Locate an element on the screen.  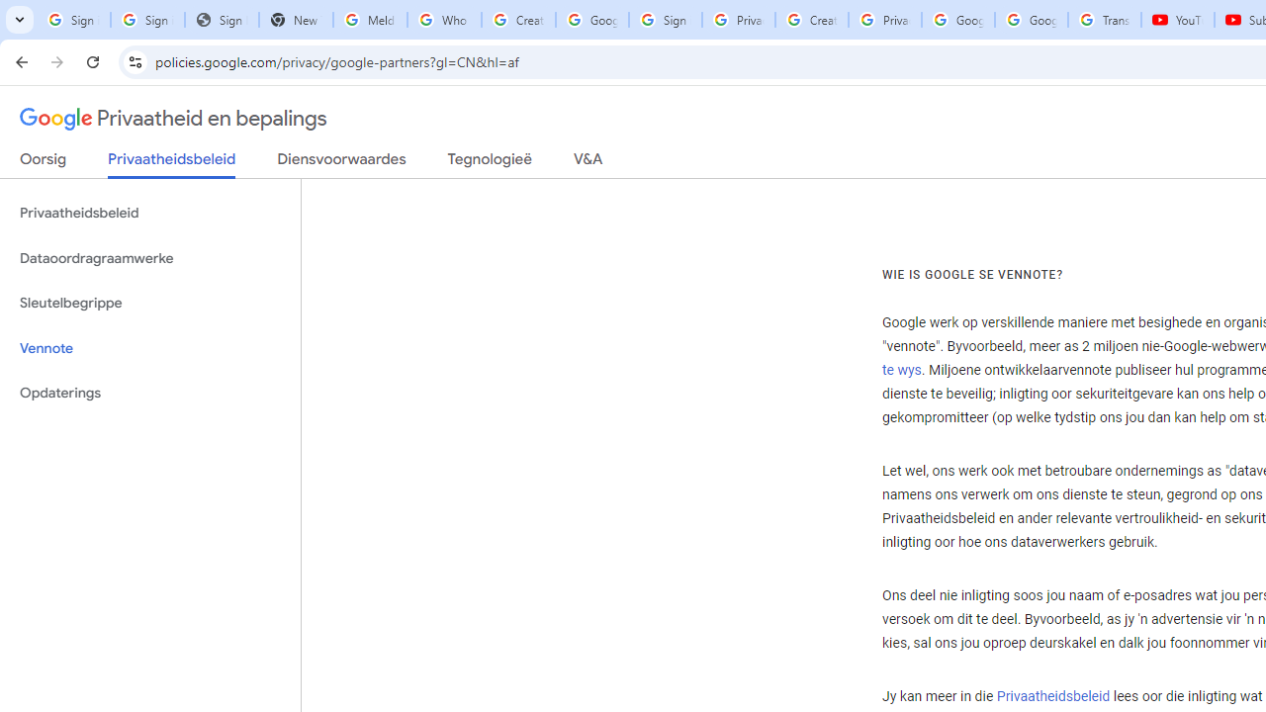
'New Tab' is located at coordinates (295, 20).